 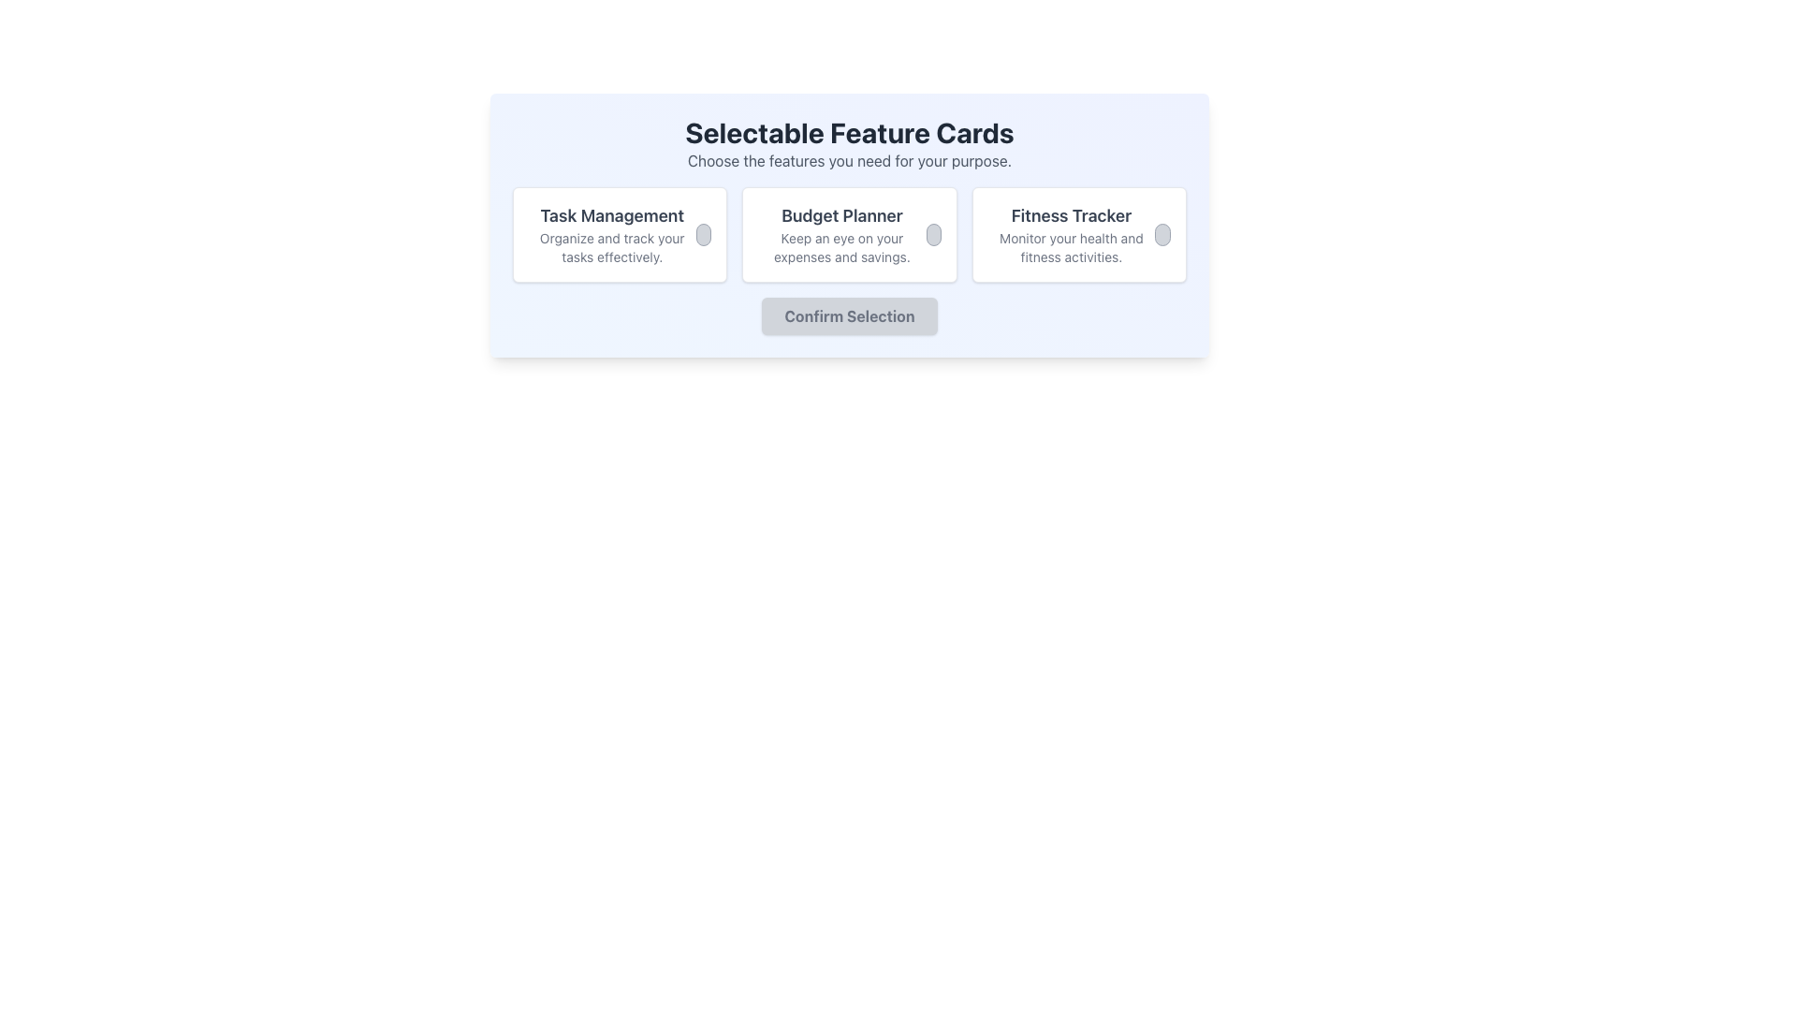 I want to click on the inactive radio button located in the top-right corner of the 'Fitness Tracker' card component, adjacent to the right edge of the card's title and description area, so click(x=1161, y=233).